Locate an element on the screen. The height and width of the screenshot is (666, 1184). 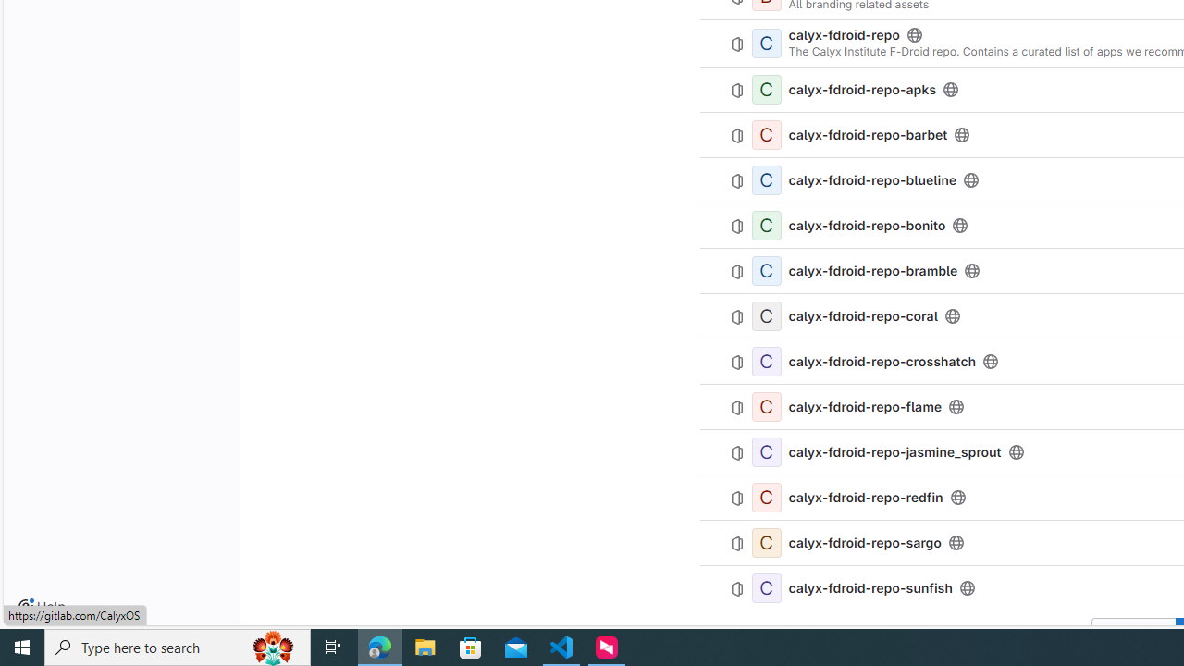
'calyx-fdroid-repo-sargo' is located at coordinates (864, 541).